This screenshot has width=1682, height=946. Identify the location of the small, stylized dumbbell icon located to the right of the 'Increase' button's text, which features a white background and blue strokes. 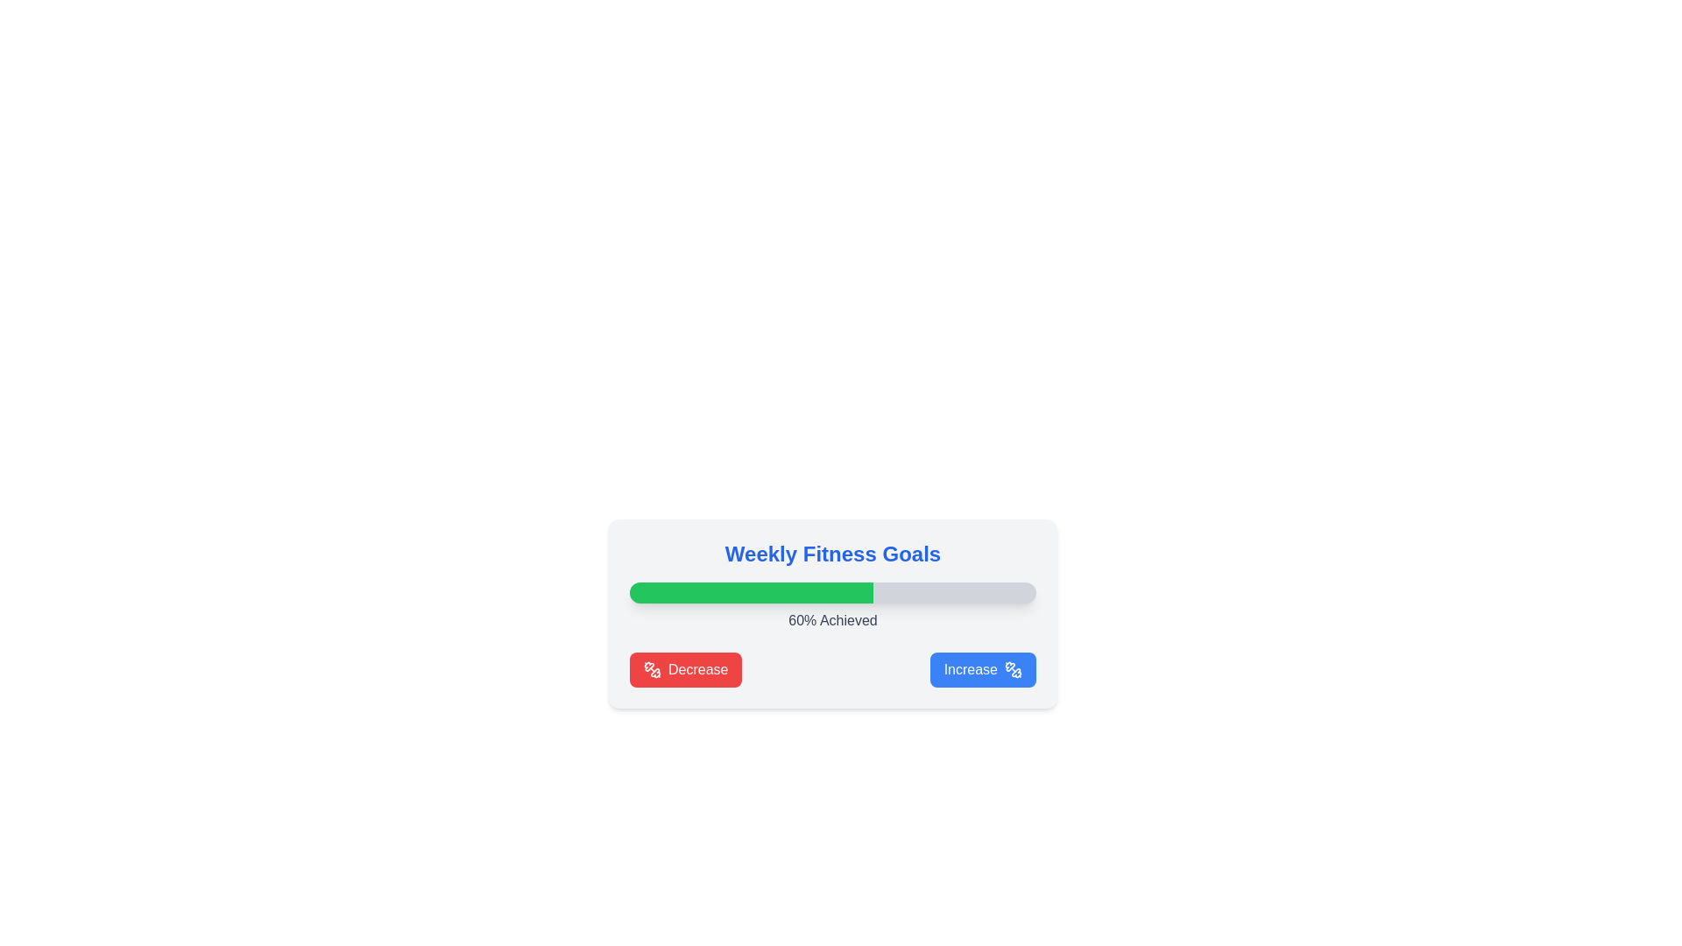
(1013, 669).